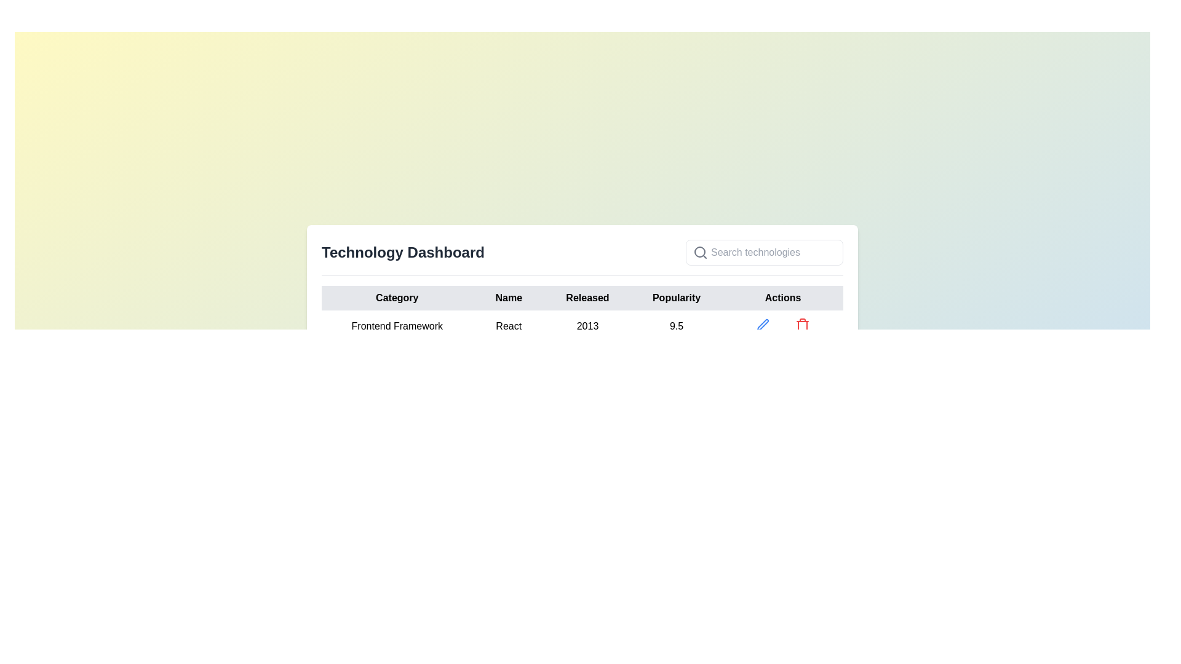 The width and height of the screenshot is (1181, 664). I want to click on text indicating the release year of React, which is centered in the 'Released' column of the information table for React, so click(587, 325).